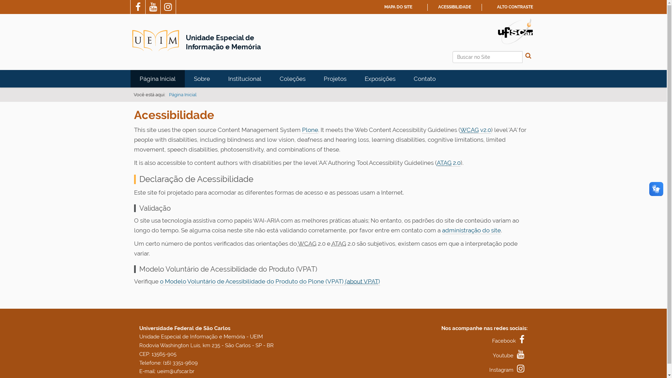  Describe the element at coordinates (487, 56) in the screenshot. I see `'Buscar no Site'` at that location.